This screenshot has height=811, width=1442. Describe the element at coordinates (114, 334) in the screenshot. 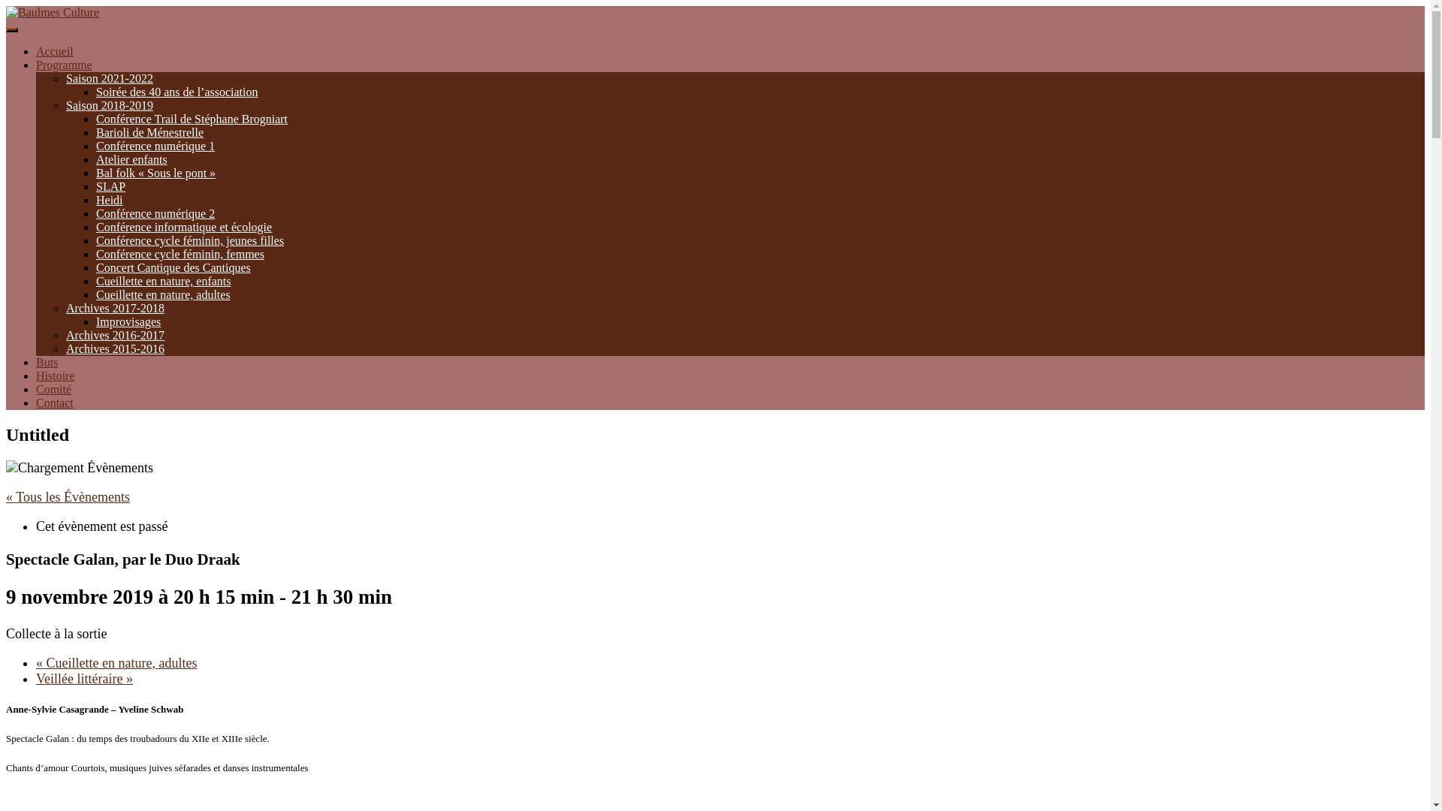

I see `'Archives 2016-2017'` at that location.